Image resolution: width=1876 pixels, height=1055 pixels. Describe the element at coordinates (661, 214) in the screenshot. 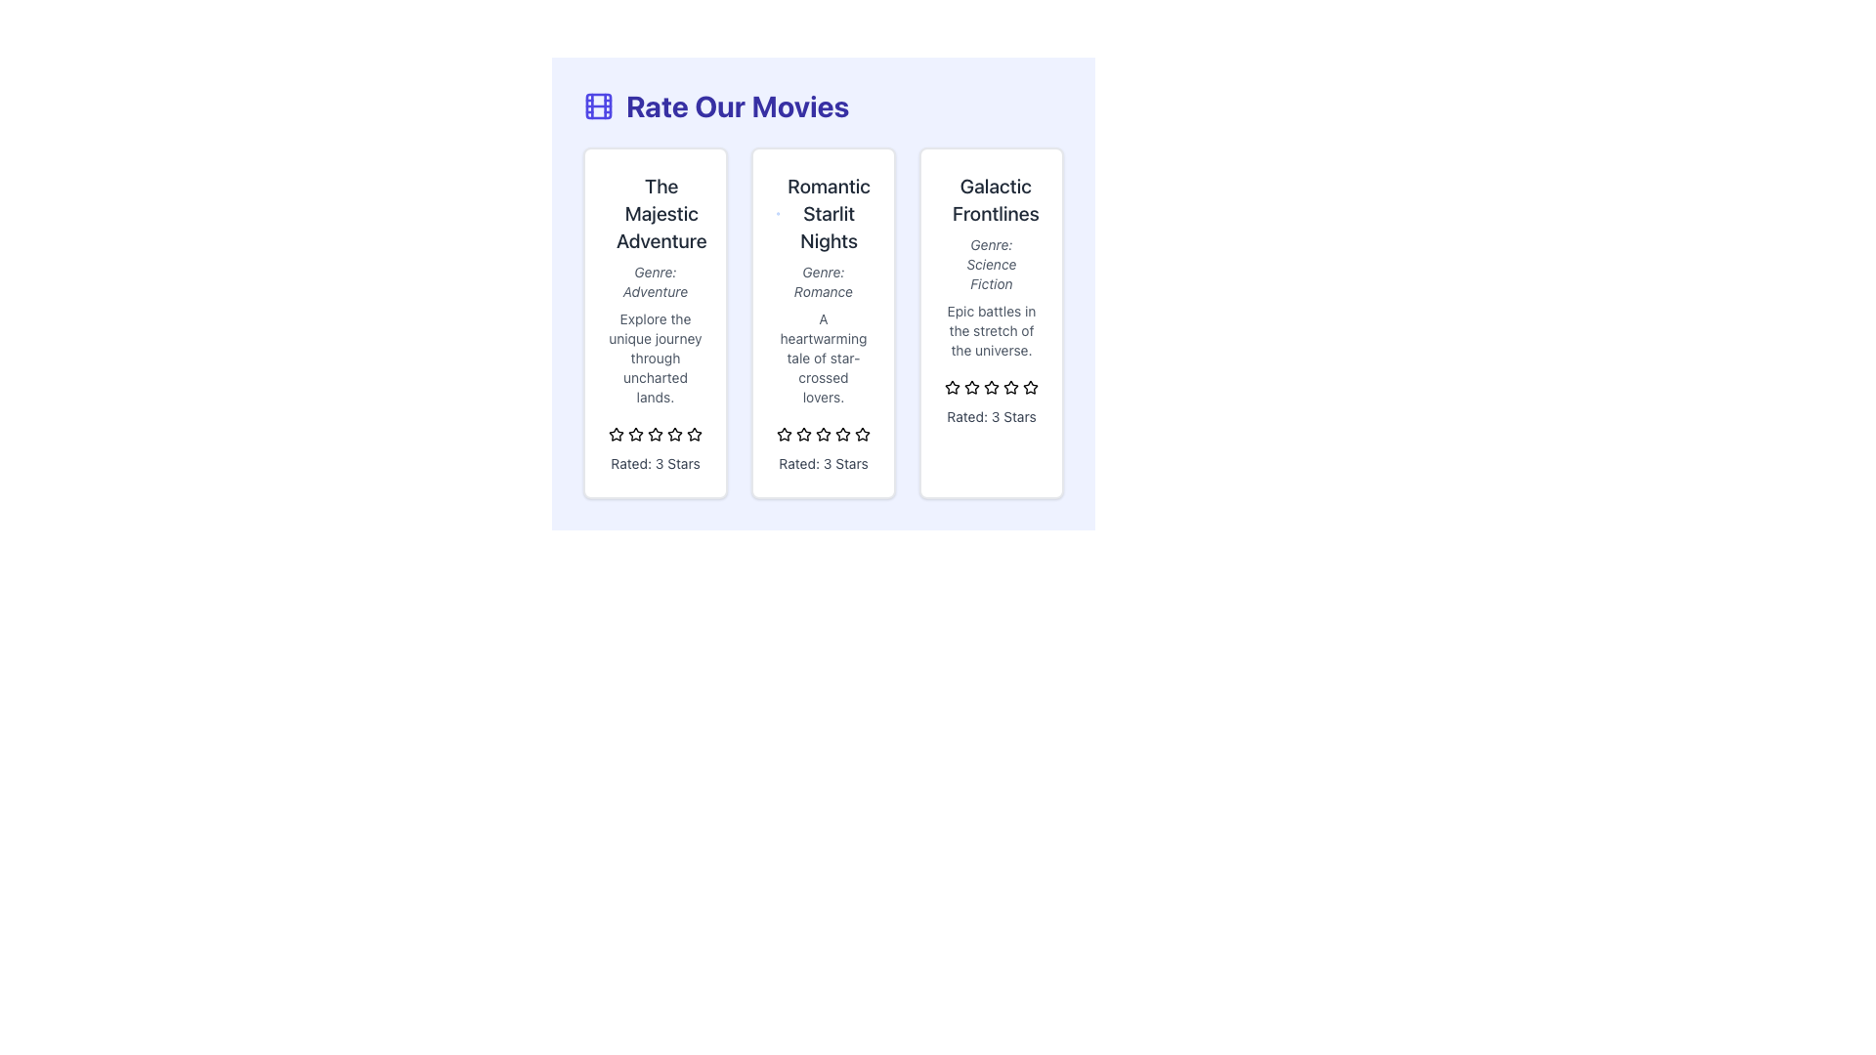

I see `the static text element displaying the title 'The Majestic Adventure', located in the top section of the first card in a row of three cards, centrally positioned above other content` at that location.